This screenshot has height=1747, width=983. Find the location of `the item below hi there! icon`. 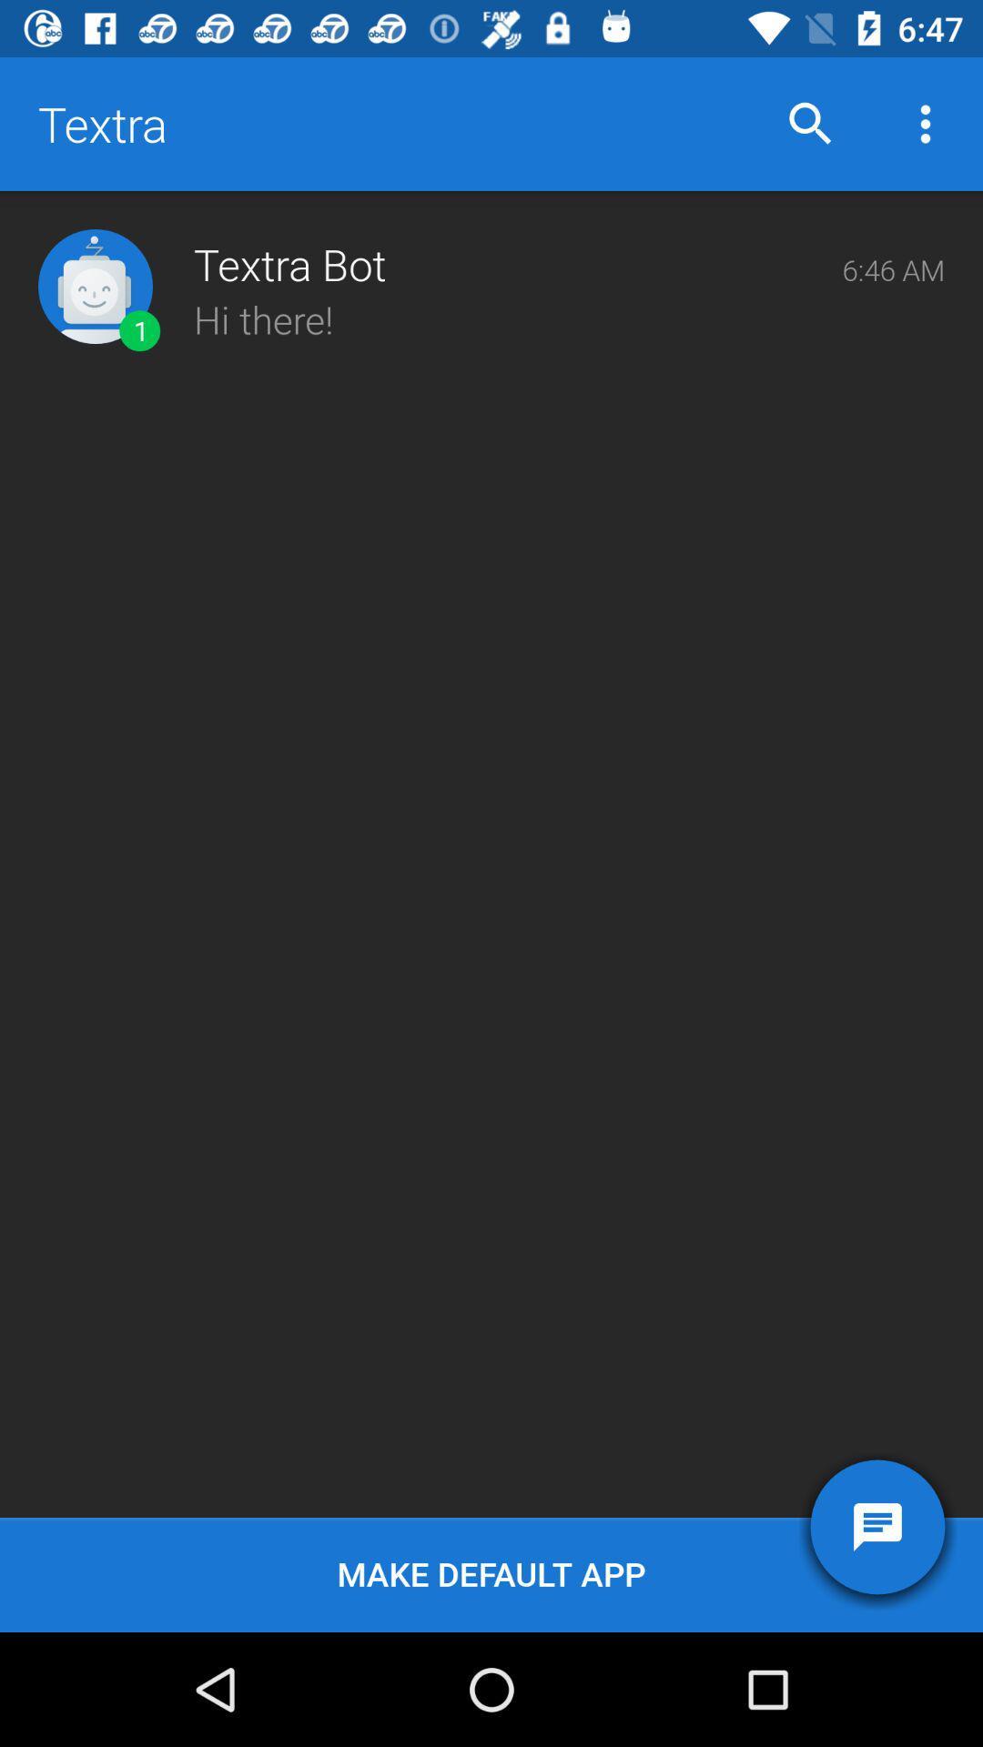

the item below hi there! icon is located at coordinates (491, 1574).